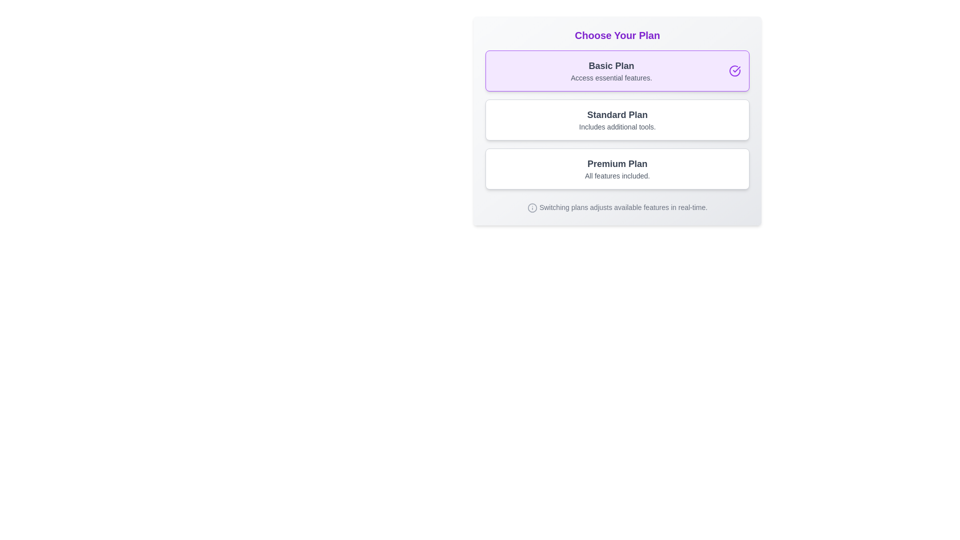 This screenshot has height=540, width=960. Describe the element at coordinates (734, 70) in the screenshot. I see `the circular SVG checkmark icon styled in purple, located to the right of the text content for the 'Basic Plan' option, which visually confirms the selection state` at that location.